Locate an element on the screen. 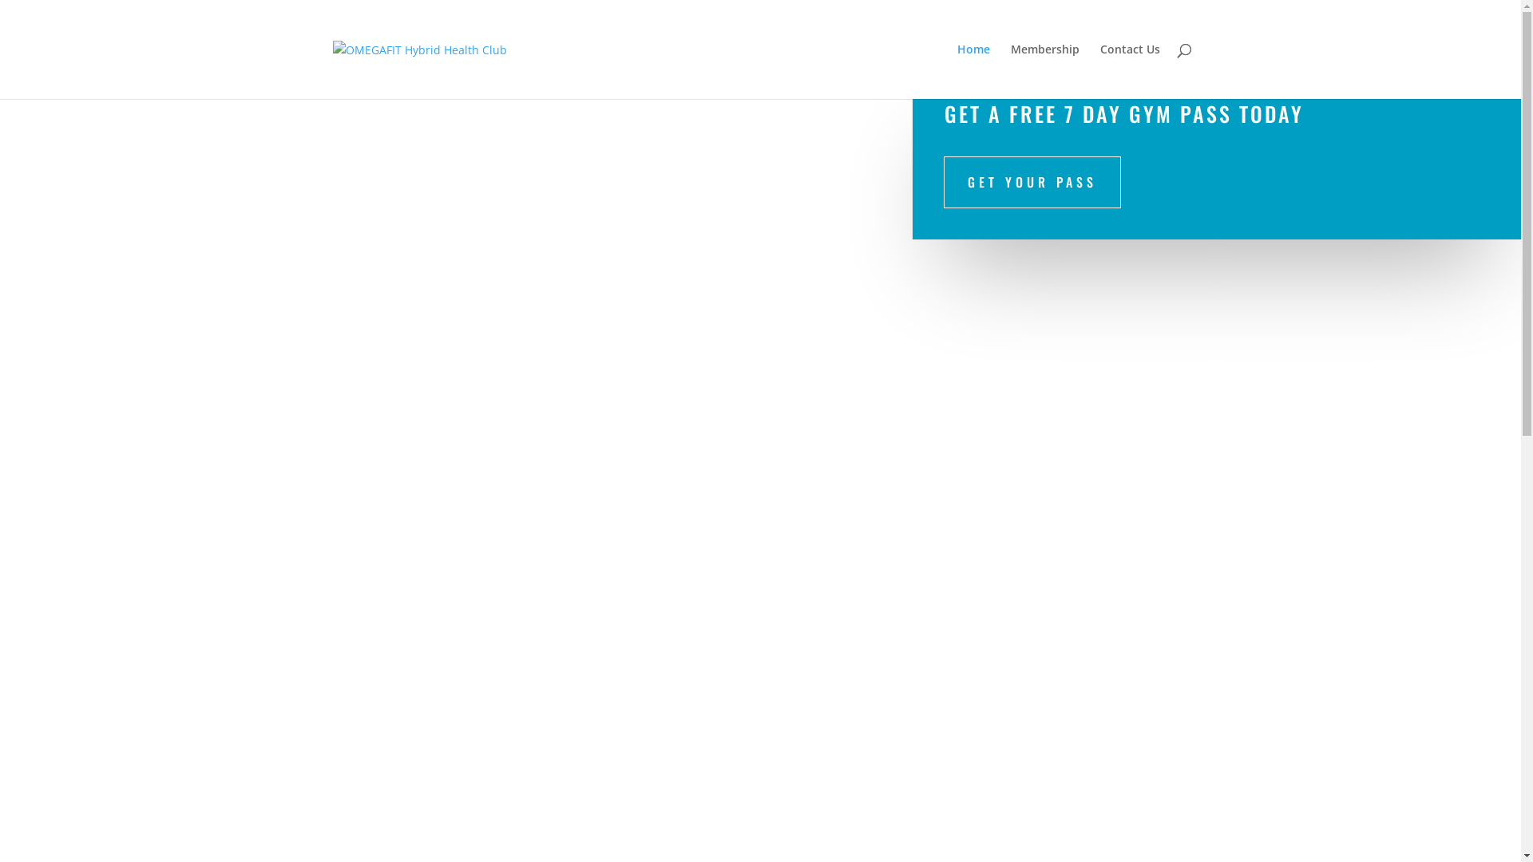  'Membership' is located at coordinates (1045, 70).